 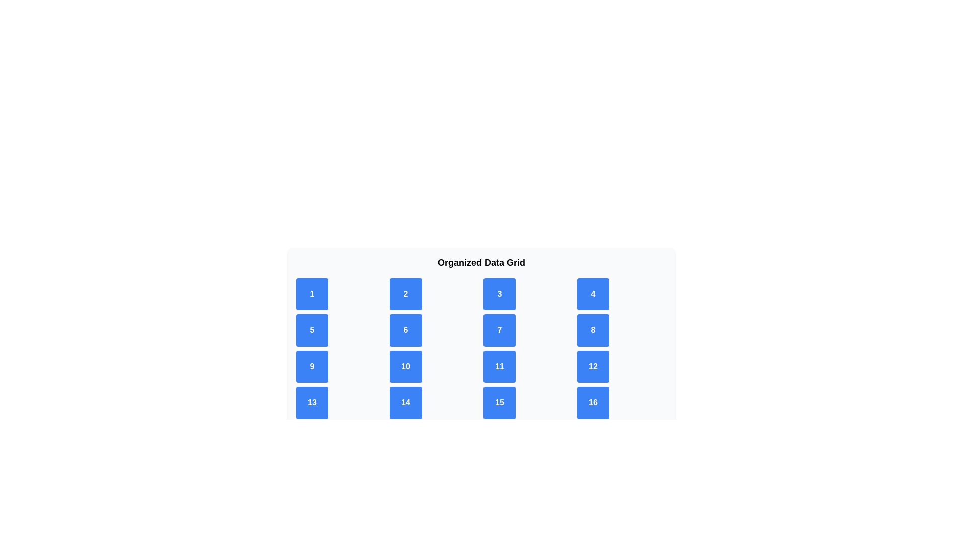 What do you see at coordinates (500, 330) in the screenshot?
I see `the blue button with rounded corners displaying the number '7', located in the second row and third column of the 4x4 grid` at bounding box center [500, 330].